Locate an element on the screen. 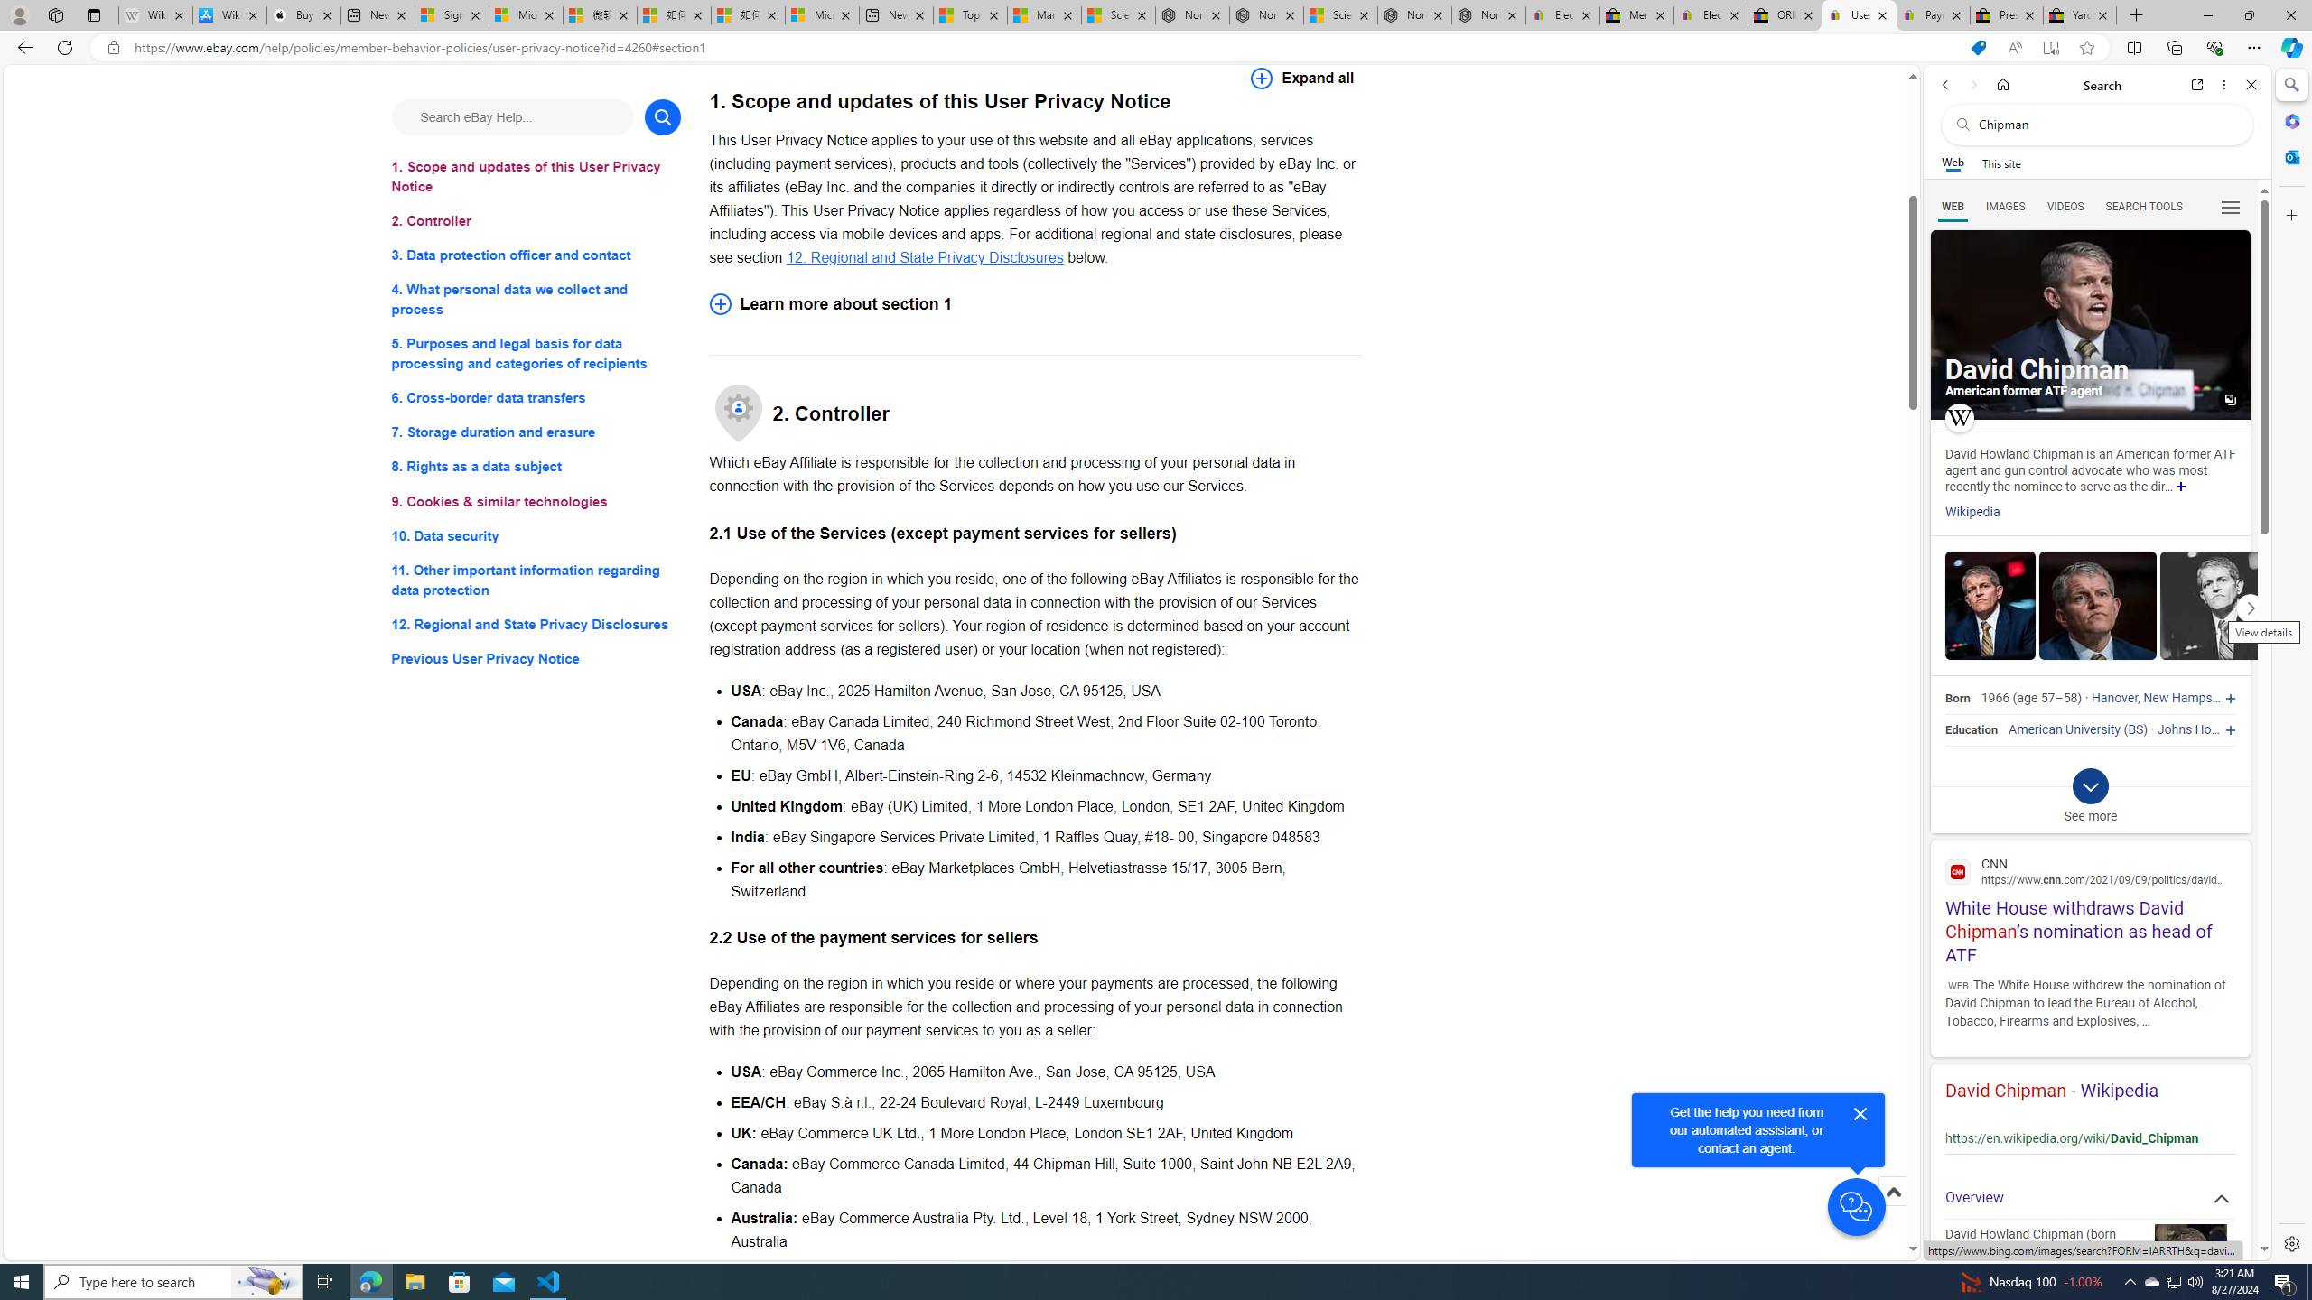 The height and width of the screenshot is (1300, 2312). '6. Cross-border data transfers' is located at coordinates (535, 398).